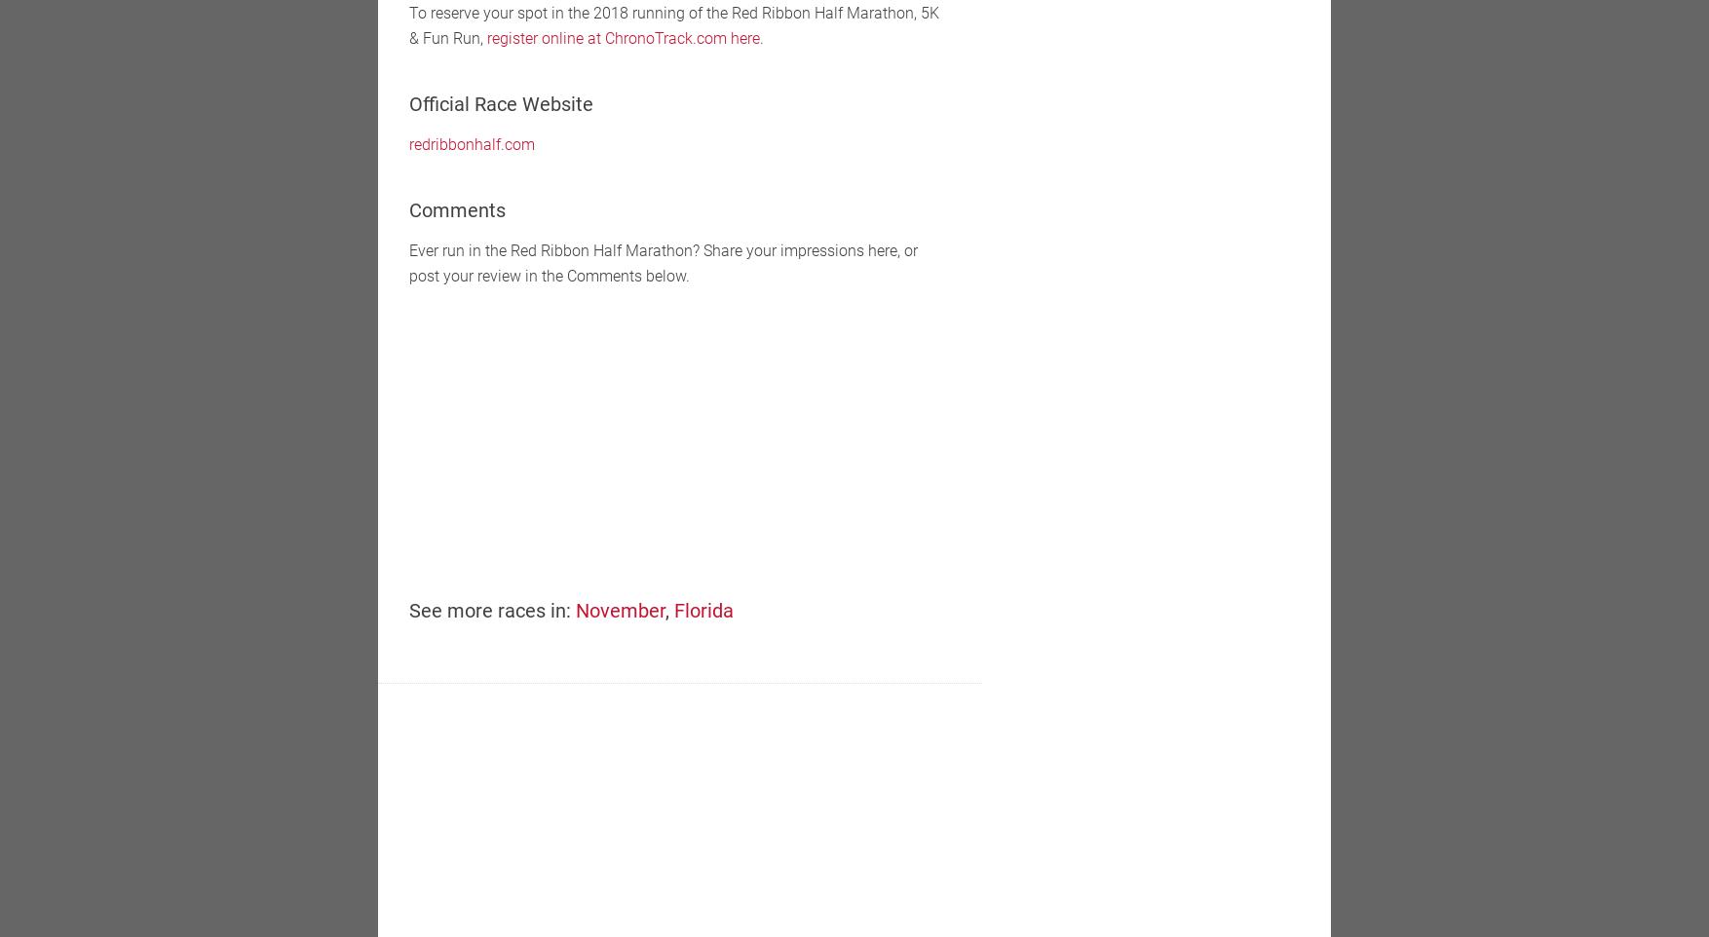  I want to click on 'Comments', so click(456, 208).